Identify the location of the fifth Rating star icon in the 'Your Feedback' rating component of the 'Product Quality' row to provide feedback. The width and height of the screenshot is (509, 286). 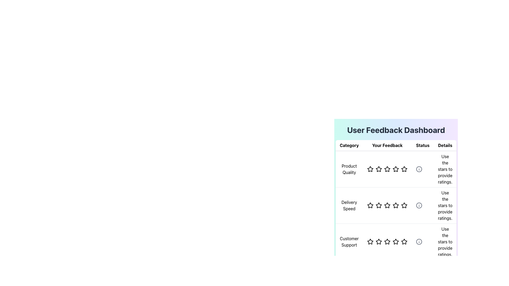
(404, 169).